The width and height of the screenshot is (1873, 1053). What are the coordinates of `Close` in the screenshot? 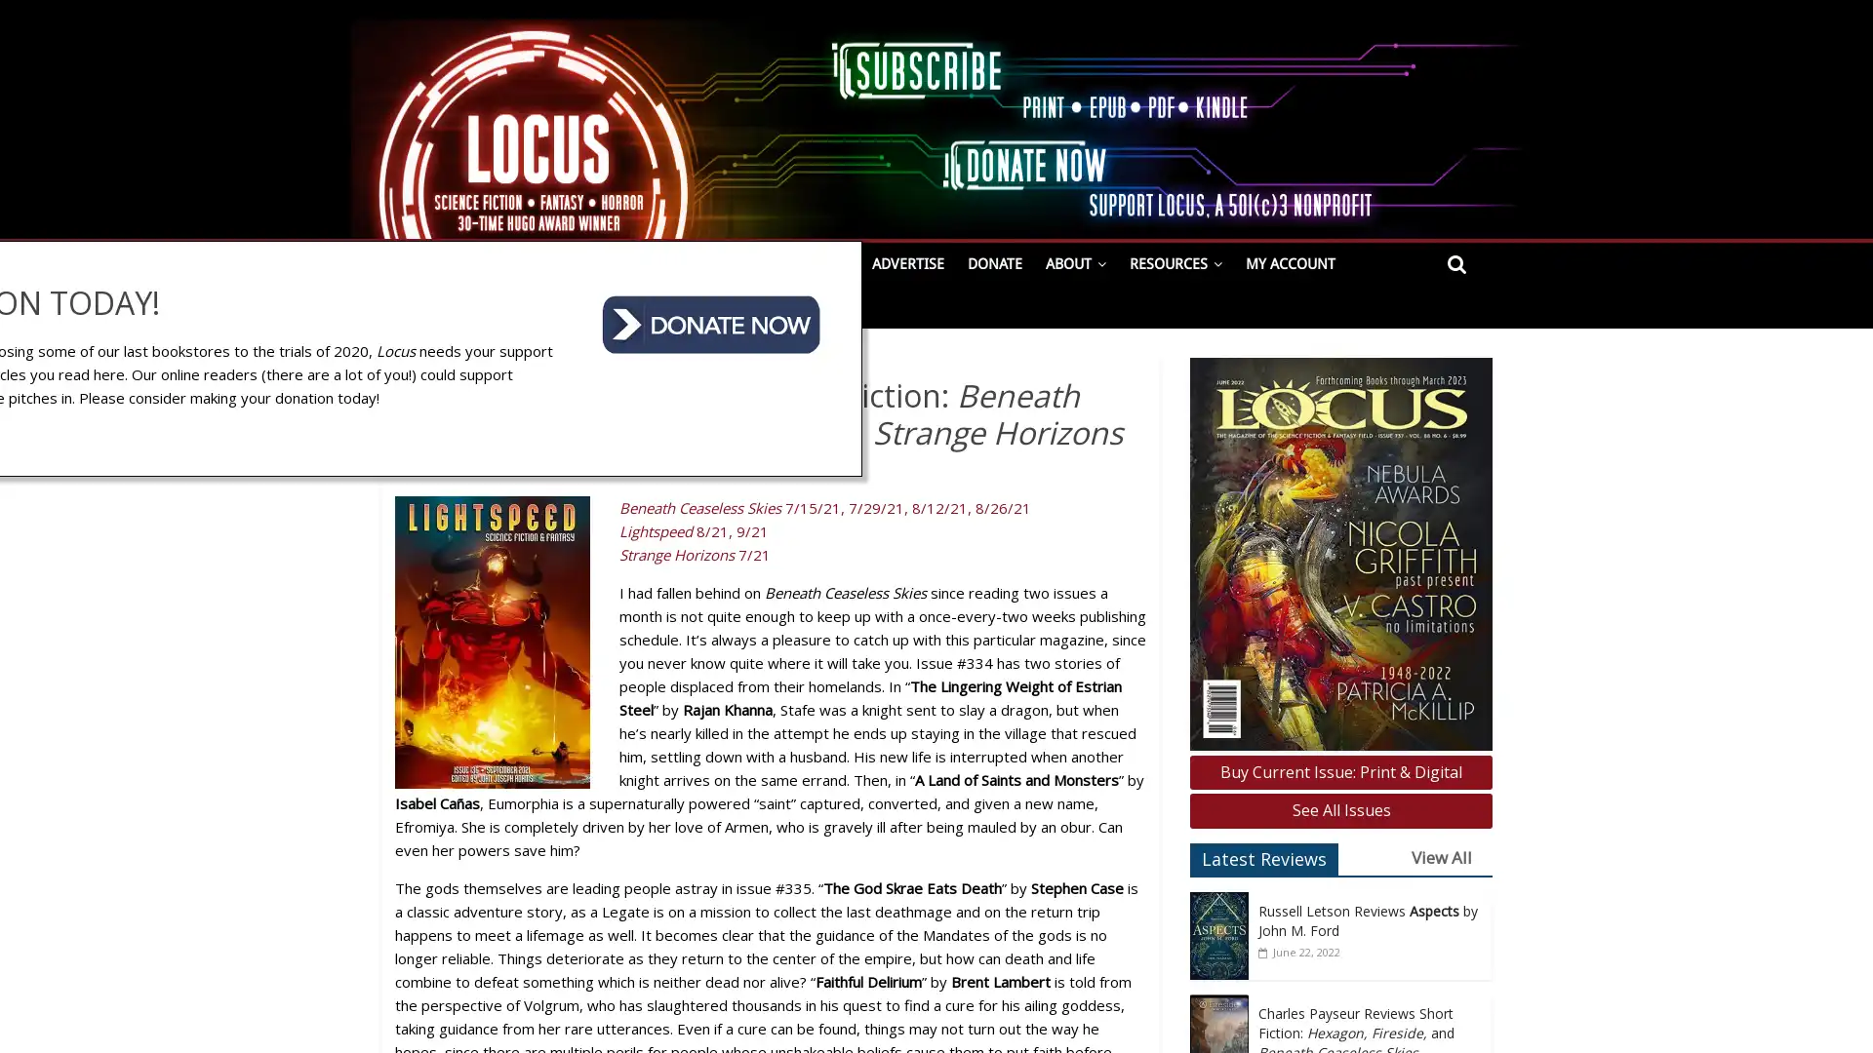 It's located at (1657, 831).